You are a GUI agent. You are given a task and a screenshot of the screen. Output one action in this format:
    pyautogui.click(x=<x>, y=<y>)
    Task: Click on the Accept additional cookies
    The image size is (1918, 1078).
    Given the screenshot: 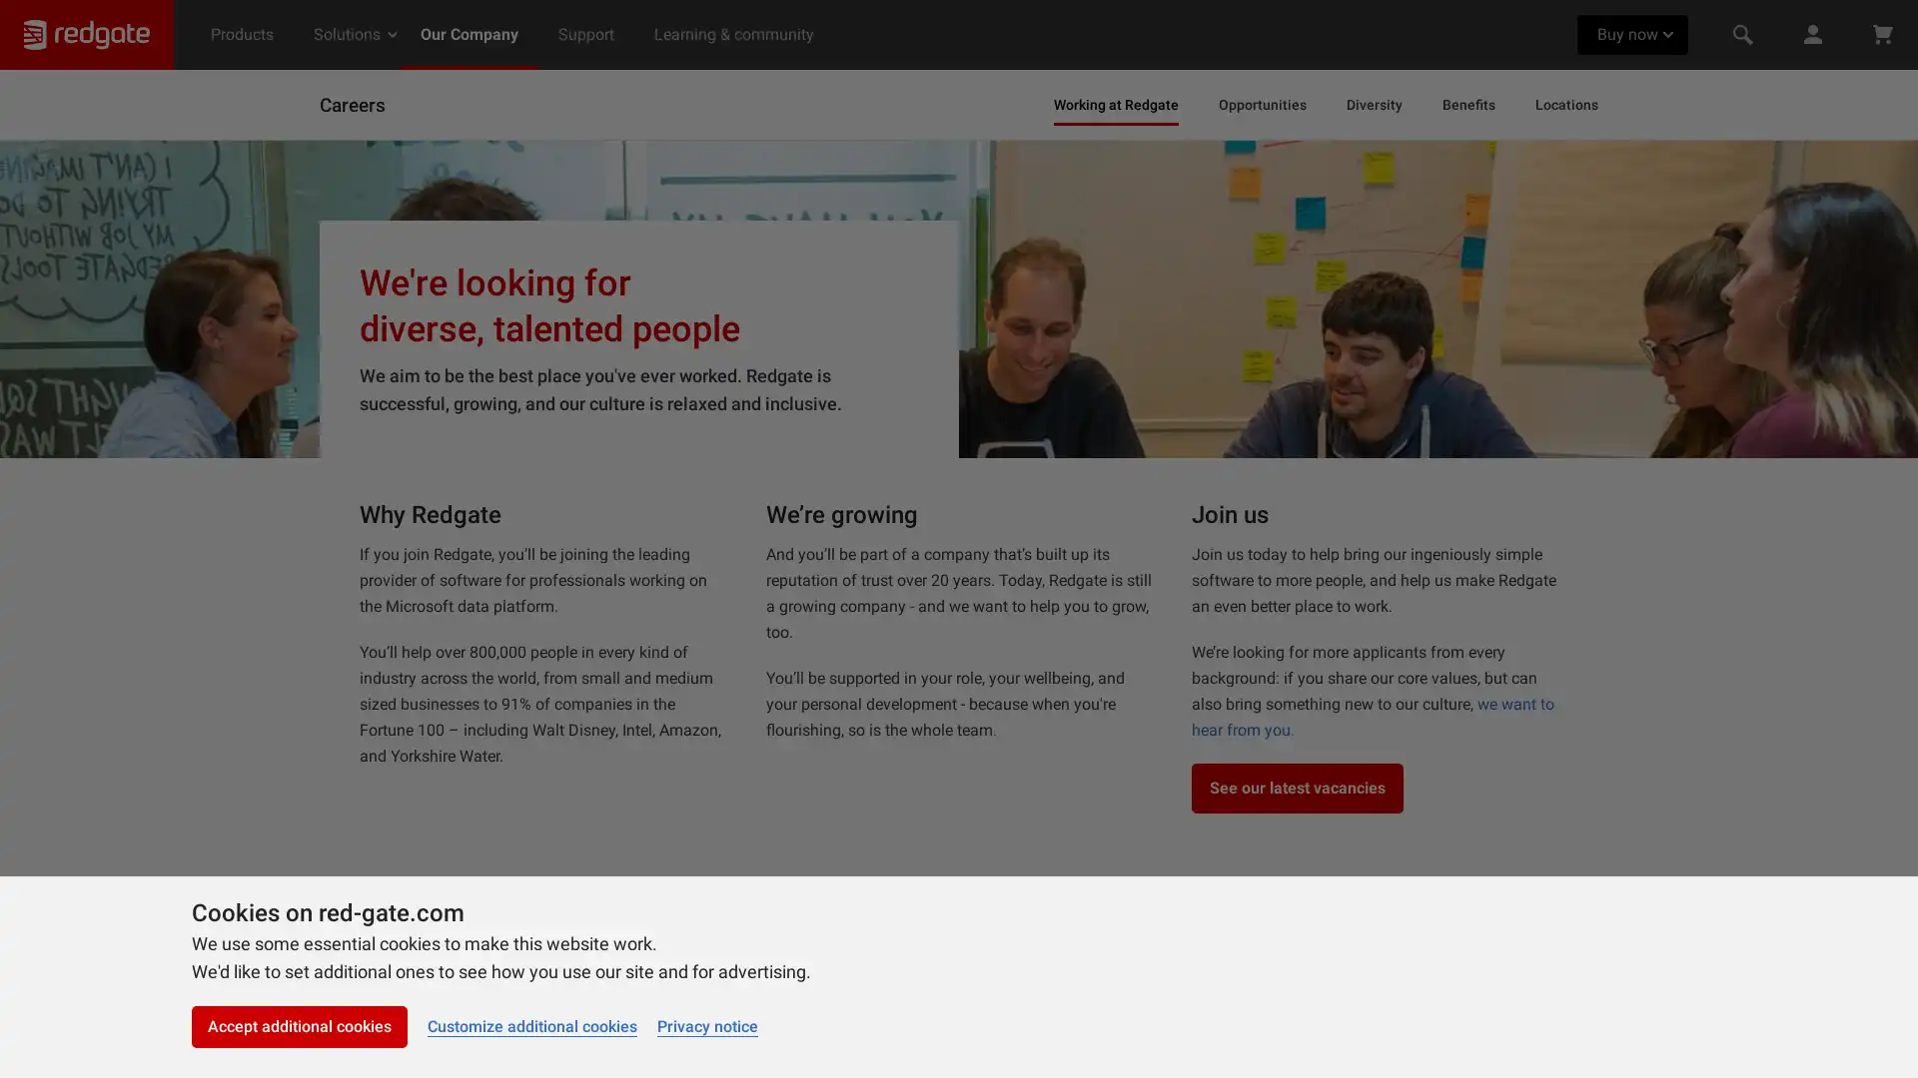 What is the action you would take?
    pyautogui.click(x=298, y=1027)
    